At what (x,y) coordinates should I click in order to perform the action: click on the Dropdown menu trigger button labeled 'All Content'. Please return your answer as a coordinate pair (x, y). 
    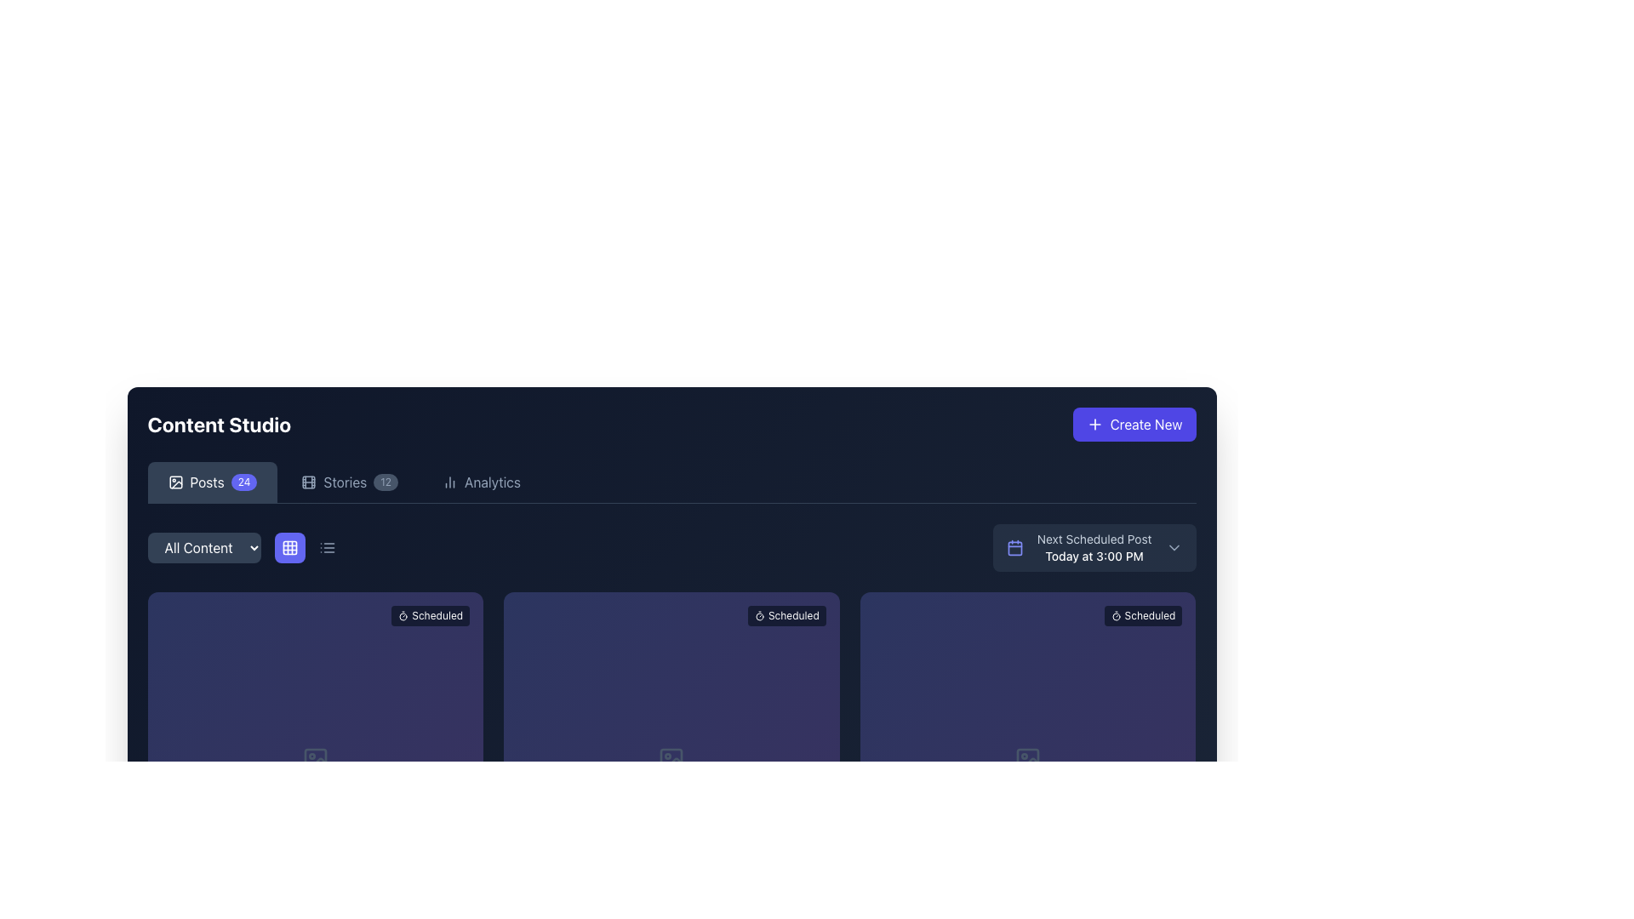
    Looking at the image, I should click on (244, 548).